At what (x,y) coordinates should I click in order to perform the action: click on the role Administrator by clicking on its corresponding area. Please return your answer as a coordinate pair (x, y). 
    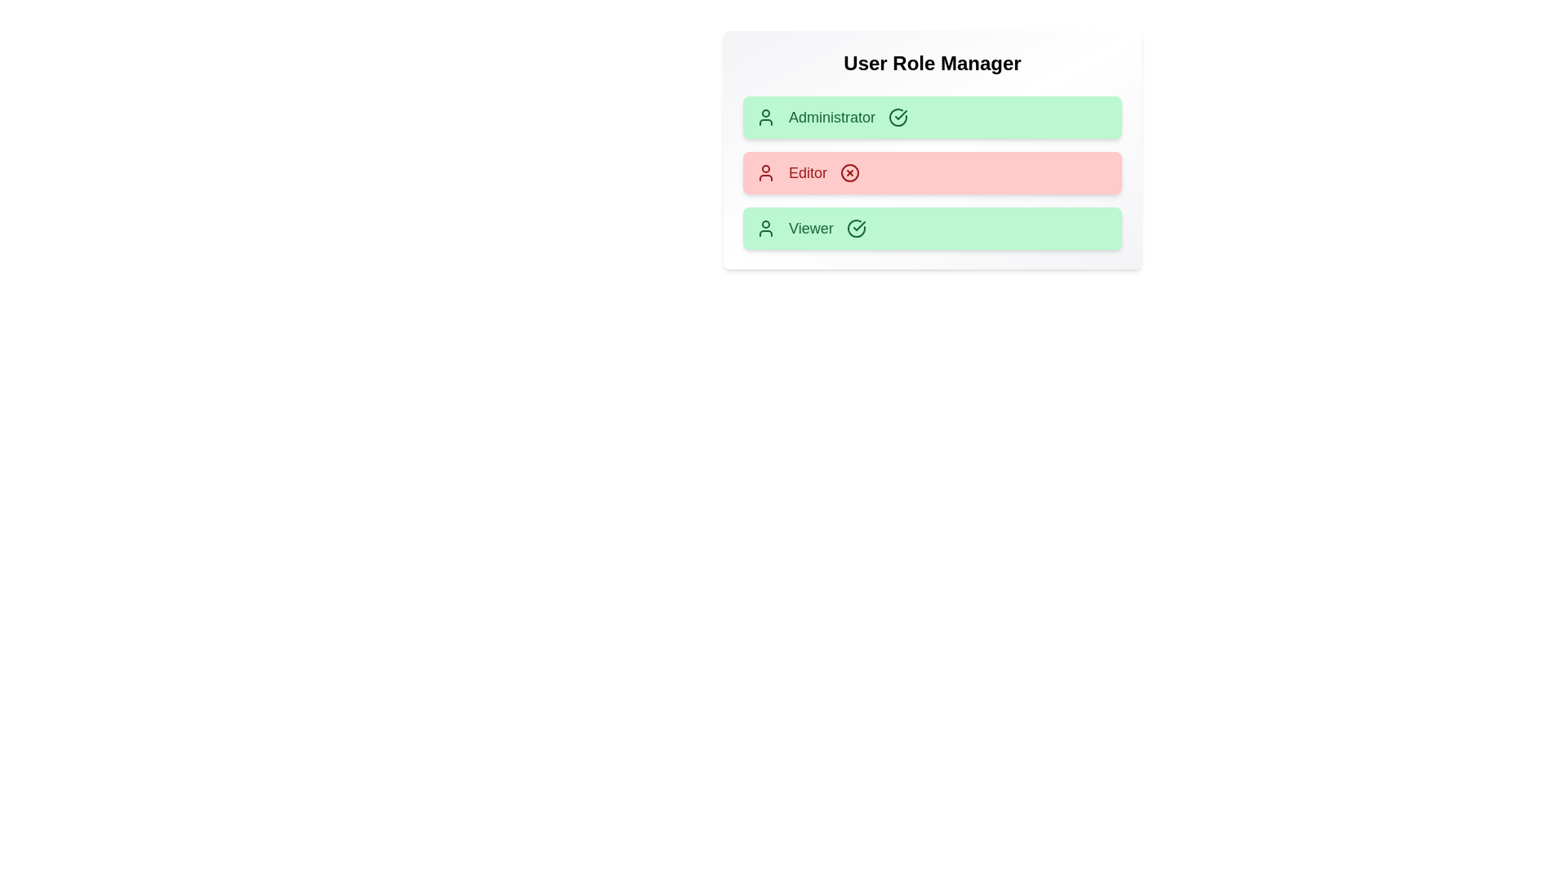
    Looking at the image, I should click on (933, 116).